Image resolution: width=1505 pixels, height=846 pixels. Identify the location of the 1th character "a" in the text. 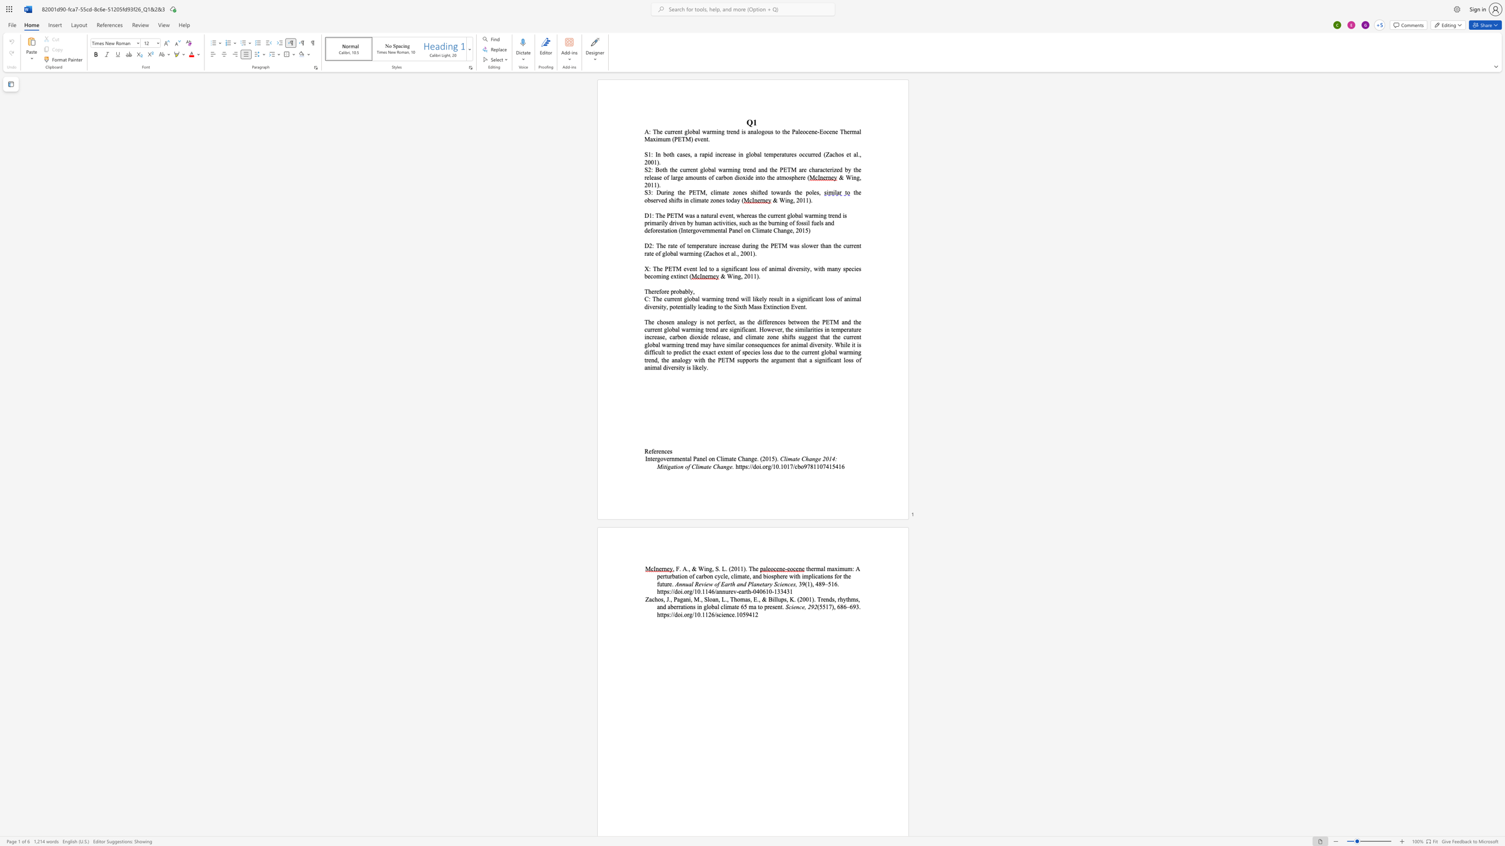
(717, 268).